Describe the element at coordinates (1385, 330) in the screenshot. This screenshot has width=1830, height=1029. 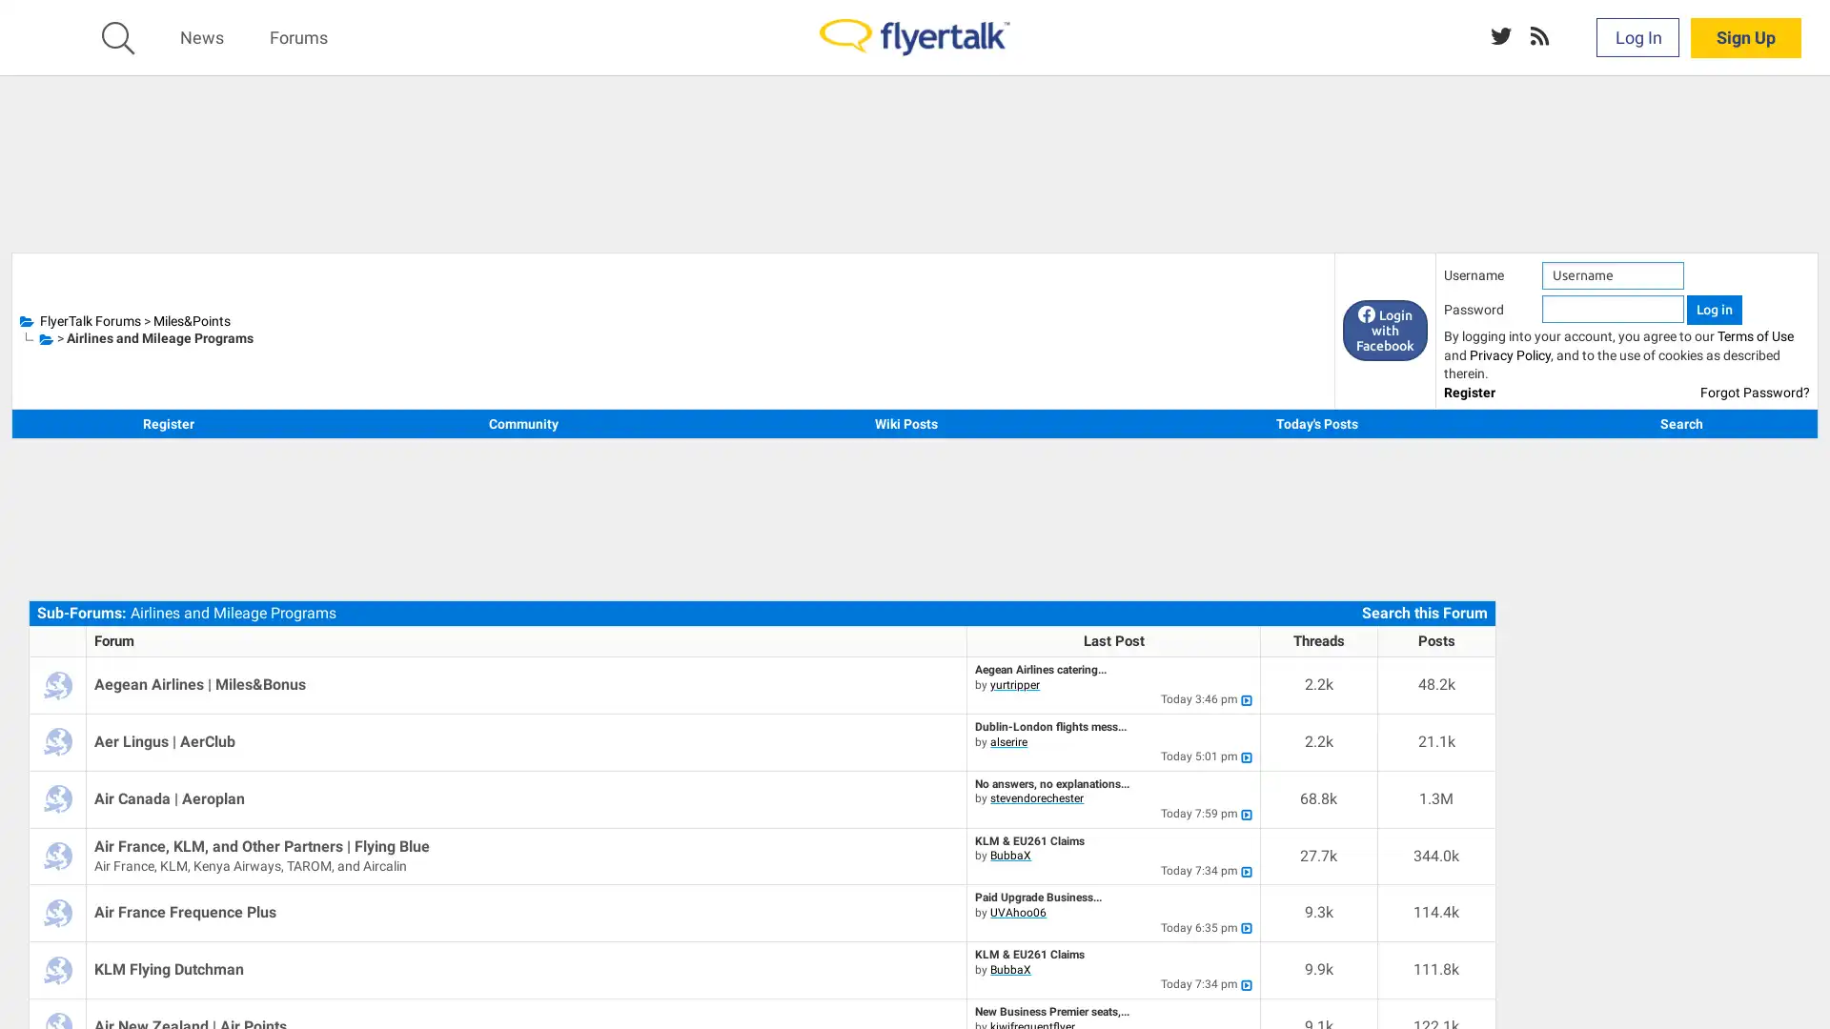
I see `Login with Facebook` at that location.